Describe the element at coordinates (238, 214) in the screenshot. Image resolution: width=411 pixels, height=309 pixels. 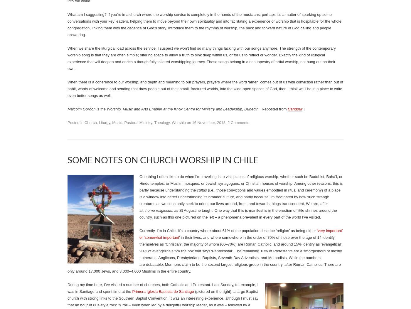
I see `'One way that this is manifest is in the erection of little shrines around the country, such as this one pictured on the left – a phenomena prevalent in every part of the world I’ve visited.'` at that location.